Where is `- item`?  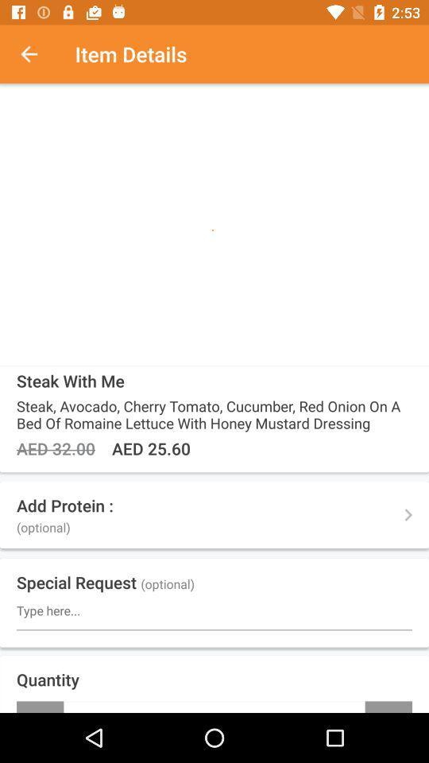 - item is located at coordinates (40, 706).